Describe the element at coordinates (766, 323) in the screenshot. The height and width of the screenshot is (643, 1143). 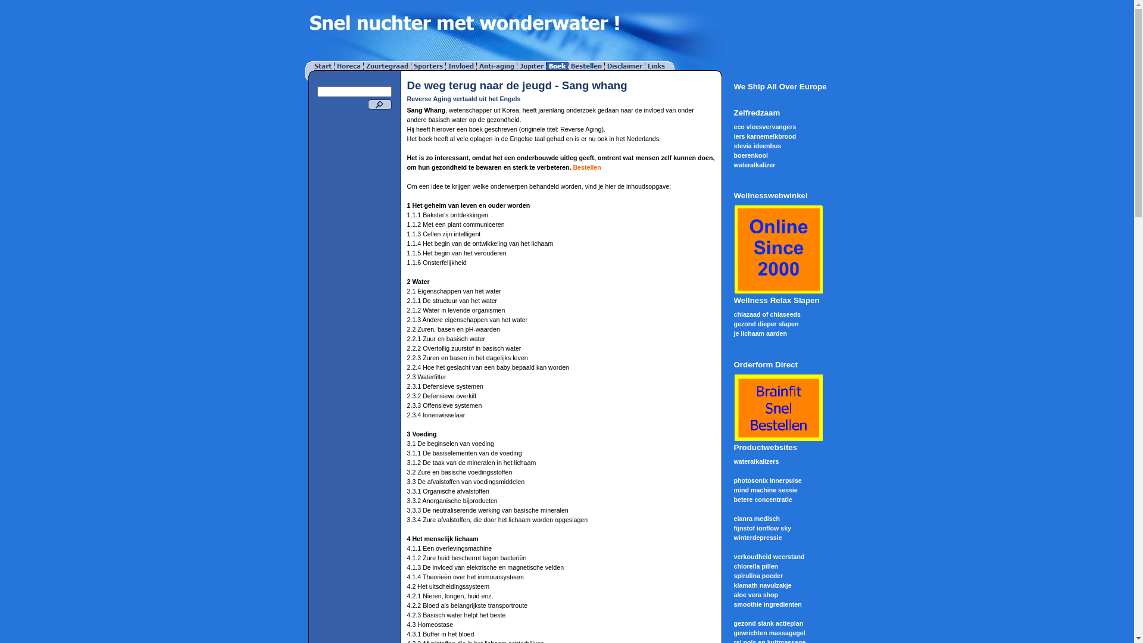
I see `'gezond dieper slapen'` at that location.